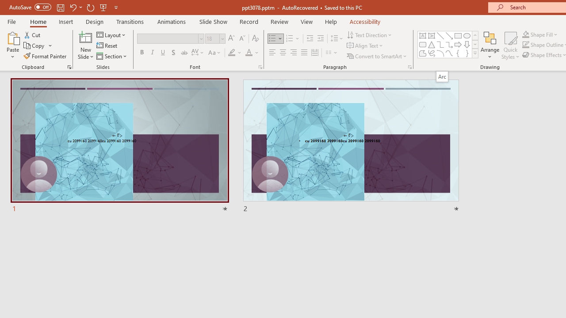 The image size is (566, 318). What do you see at coordinates (293, 53) in the screenshot?
I see `'Align Right'` at bounding box center [293, 53].